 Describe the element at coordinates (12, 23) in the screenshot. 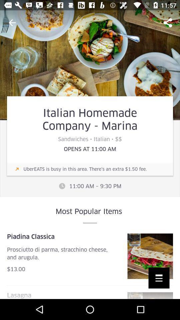

I see `the arrow_backward icon` at that location.